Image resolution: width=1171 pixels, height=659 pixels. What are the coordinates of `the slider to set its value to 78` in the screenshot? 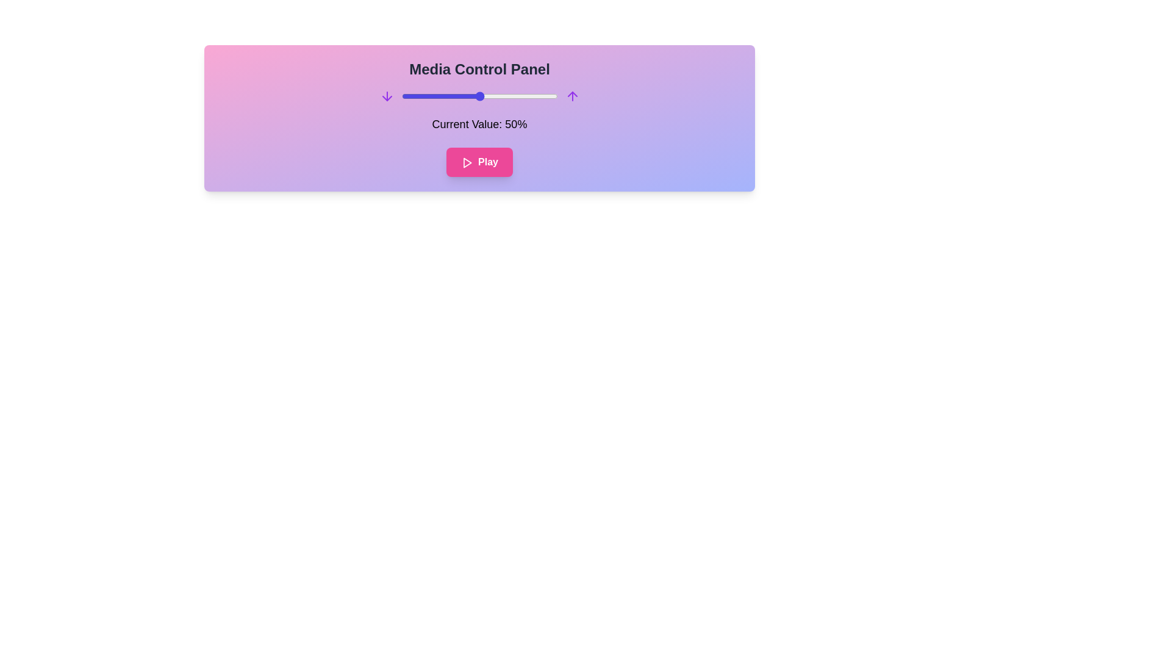 It's located at (523, 96).